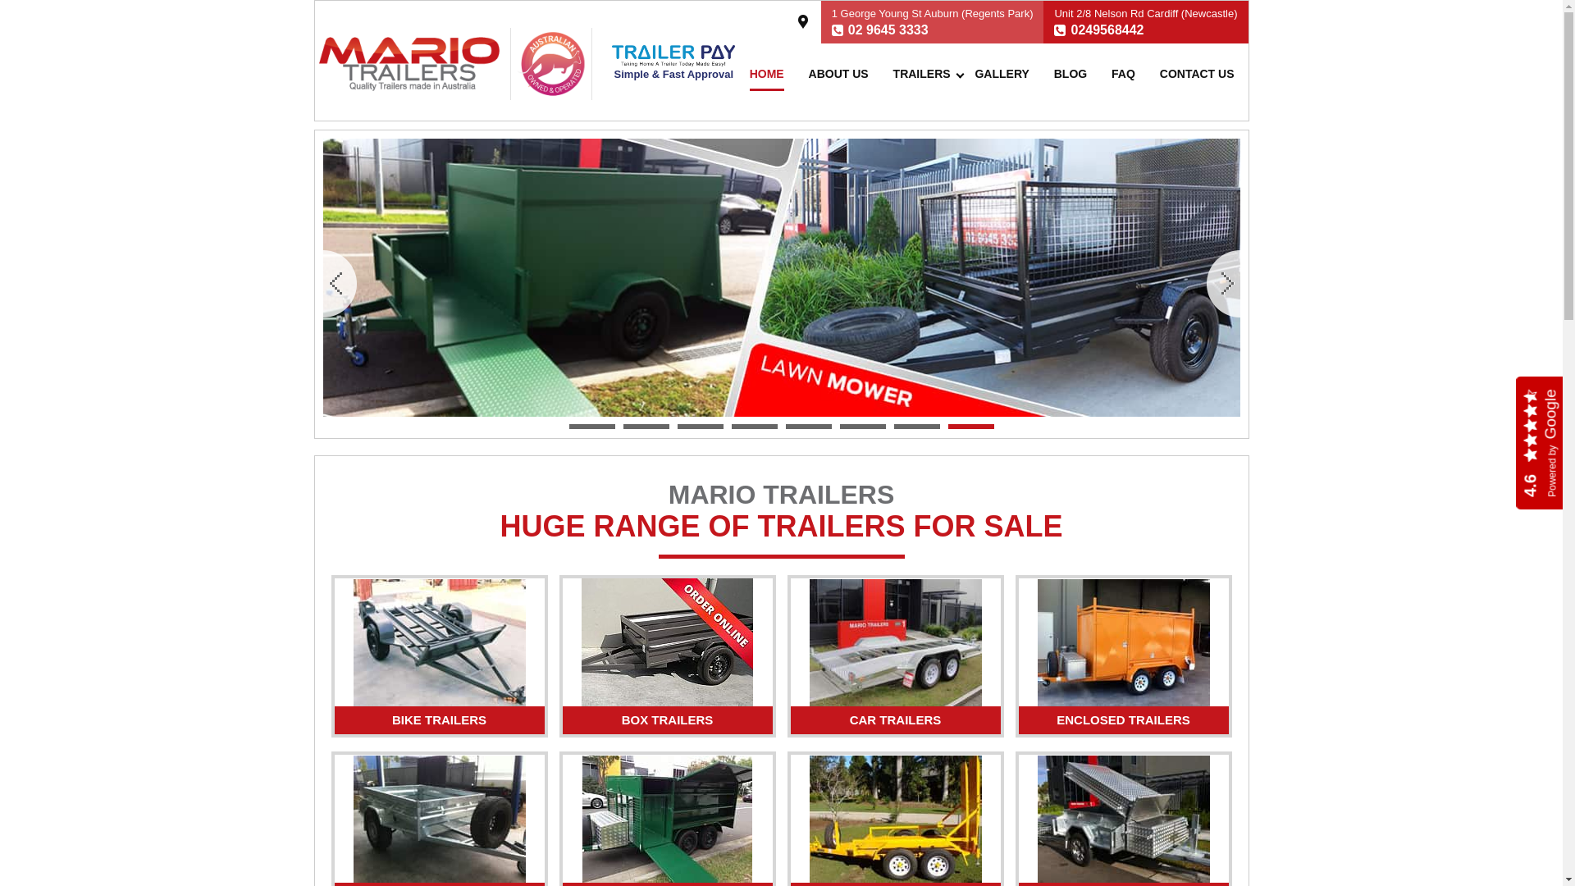  What do you see at coordinates (339, 283) in the screenshot?
I see `'Previous'` at bounding box center [339, 283].